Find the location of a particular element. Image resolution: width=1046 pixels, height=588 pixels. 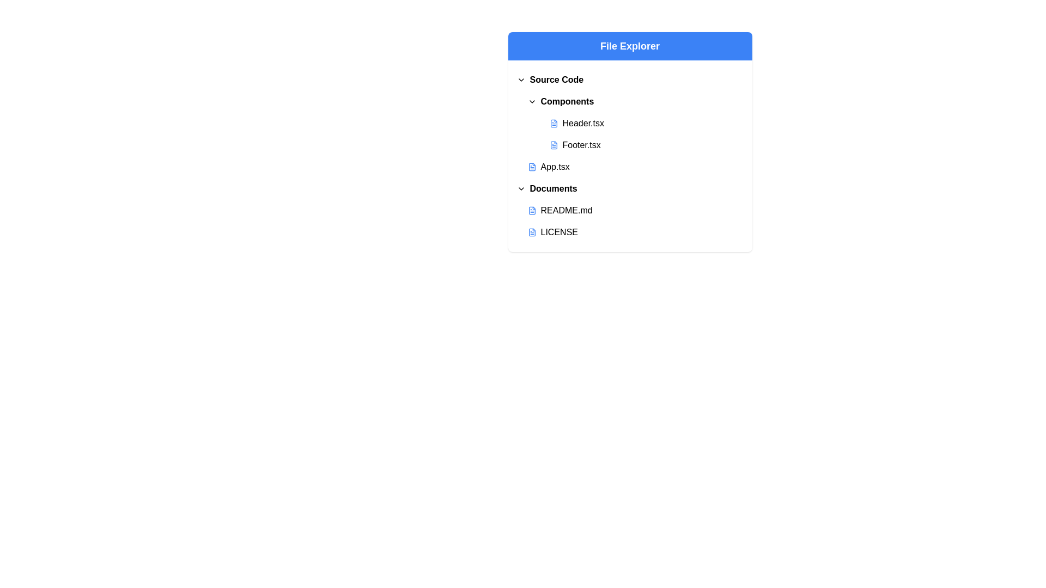

the text label representing the LICENSE file located is located at coordinates (559, 232).